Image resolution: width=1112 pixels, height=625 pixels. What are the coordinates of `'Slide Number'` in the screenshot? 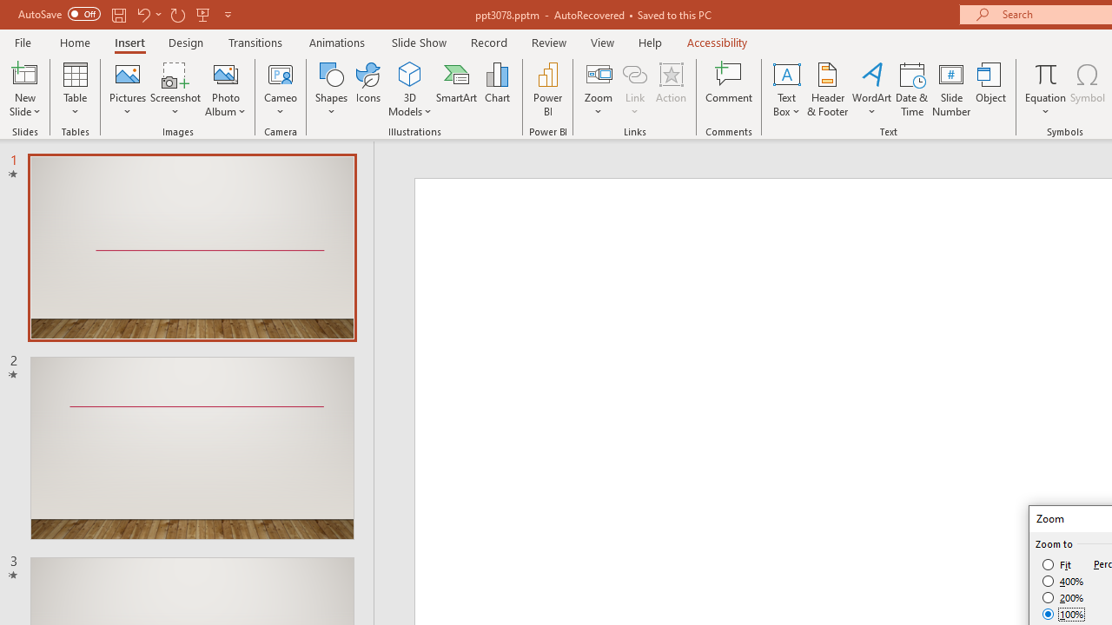 It's located at (950, 89).